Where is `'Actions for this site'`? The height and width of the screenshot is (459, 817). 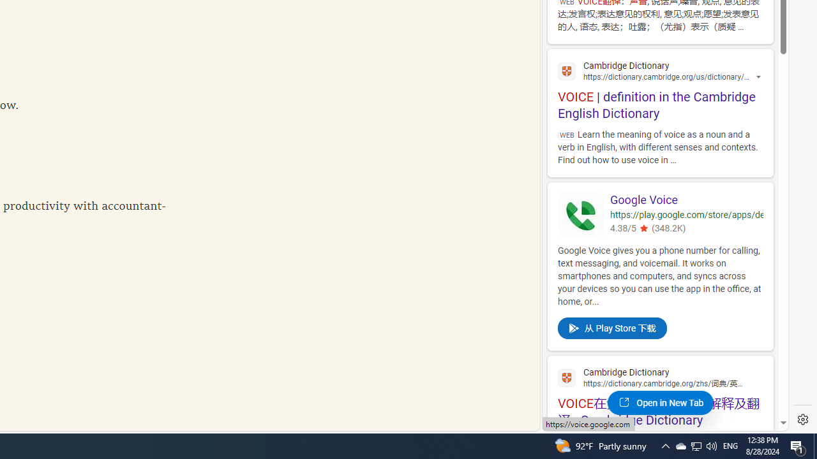
'Actions for this site' is located at coordinates (760, 77).